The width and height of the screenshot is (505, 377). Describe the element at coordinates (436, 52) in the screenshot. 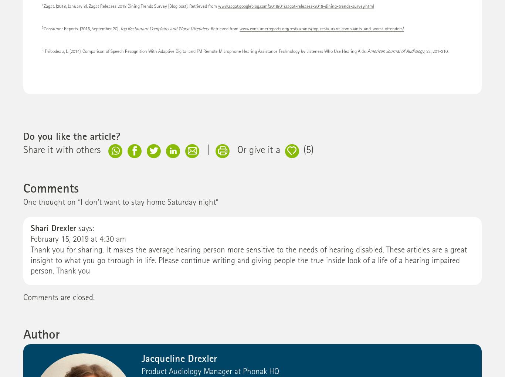

I see `', 23, 201-210.'` at that location.